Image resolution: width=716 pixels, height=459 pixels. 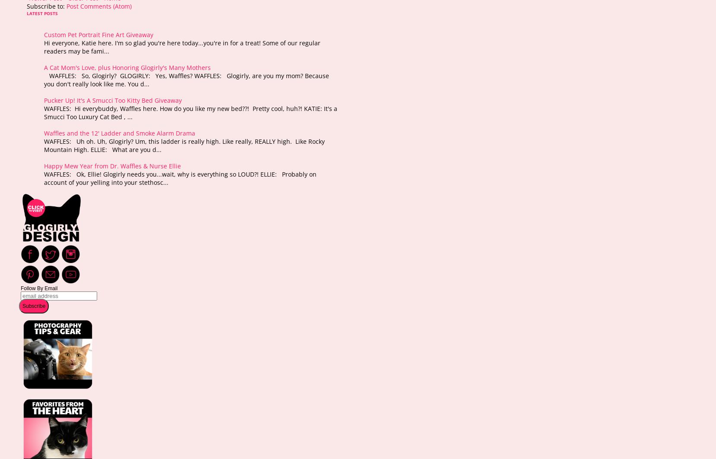 I want to click on 'WAFFLES:   So, Glogirly?  GLOGIRLY:   Yes, Waffles? WAFFLES:   Glogirly, are you my mom? Because you don't really look like me. You d...', so click(x=187, y=79).